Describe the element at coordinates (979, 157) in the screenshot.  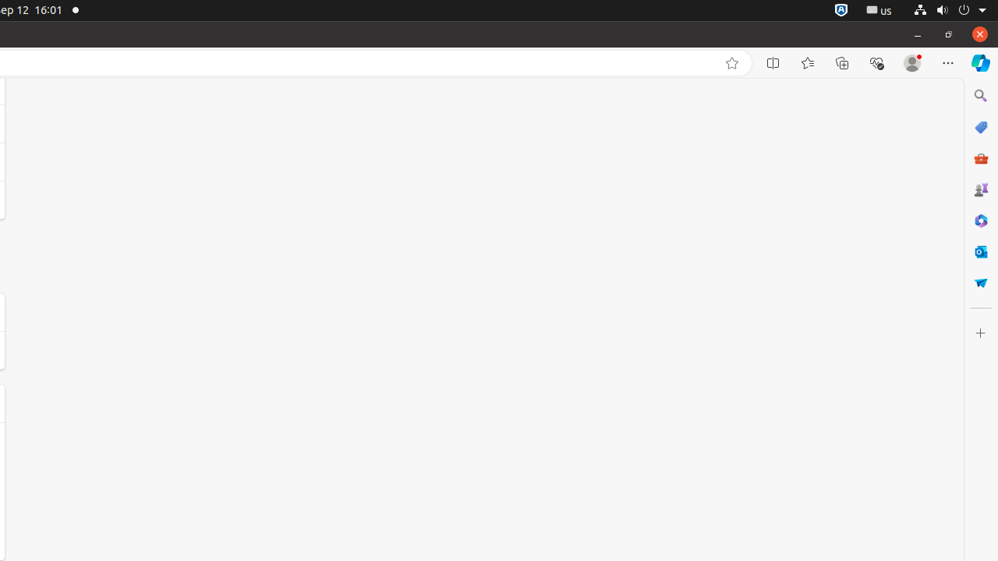
I see `'Tools'` at that location.